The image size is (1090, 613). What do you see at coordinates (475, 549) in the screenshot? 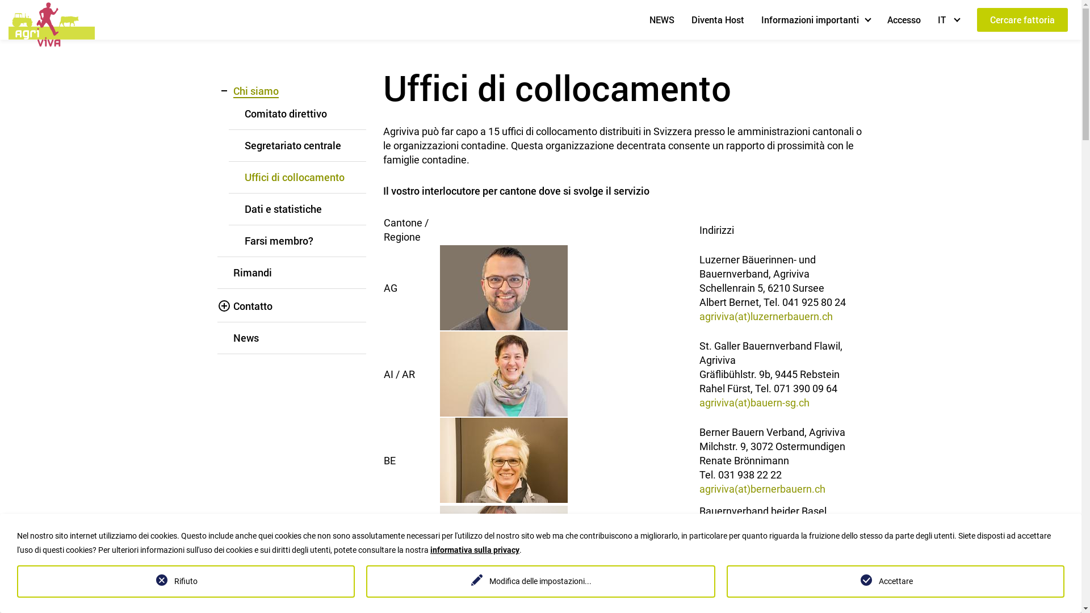
I see `'informativa sulla privacy'` at bounding box center [475, 549].